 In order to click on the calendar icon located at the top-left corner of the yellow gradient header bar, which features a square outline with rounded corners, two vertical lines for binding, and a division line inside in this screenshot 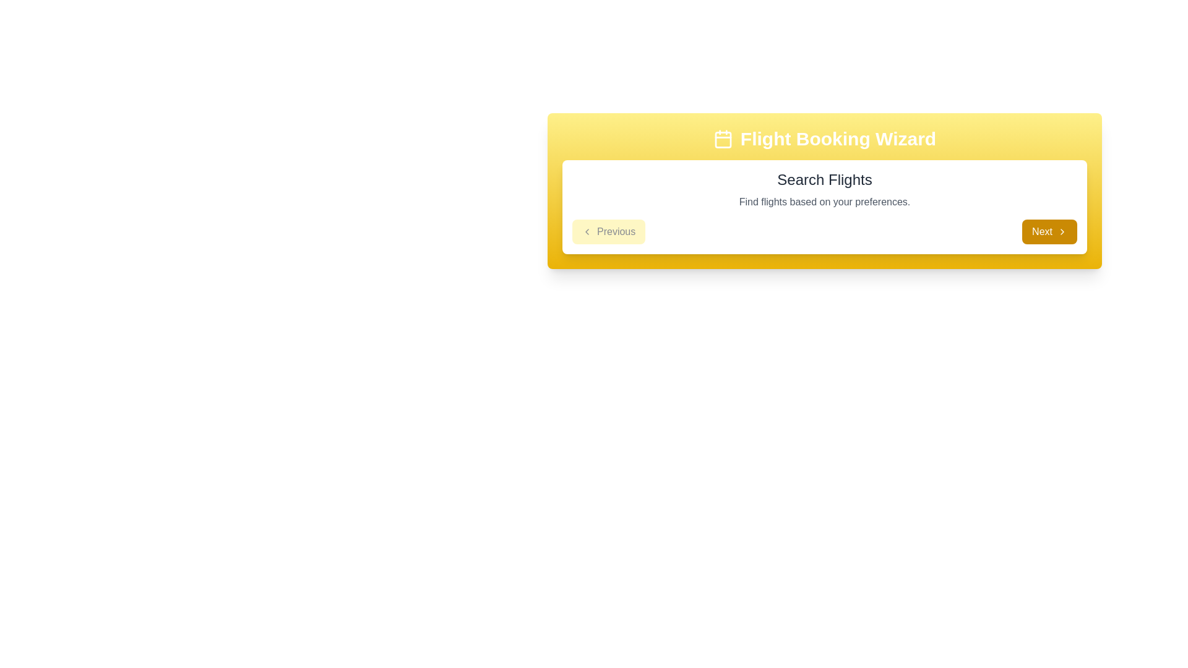, I will do `click(723, 139)`.